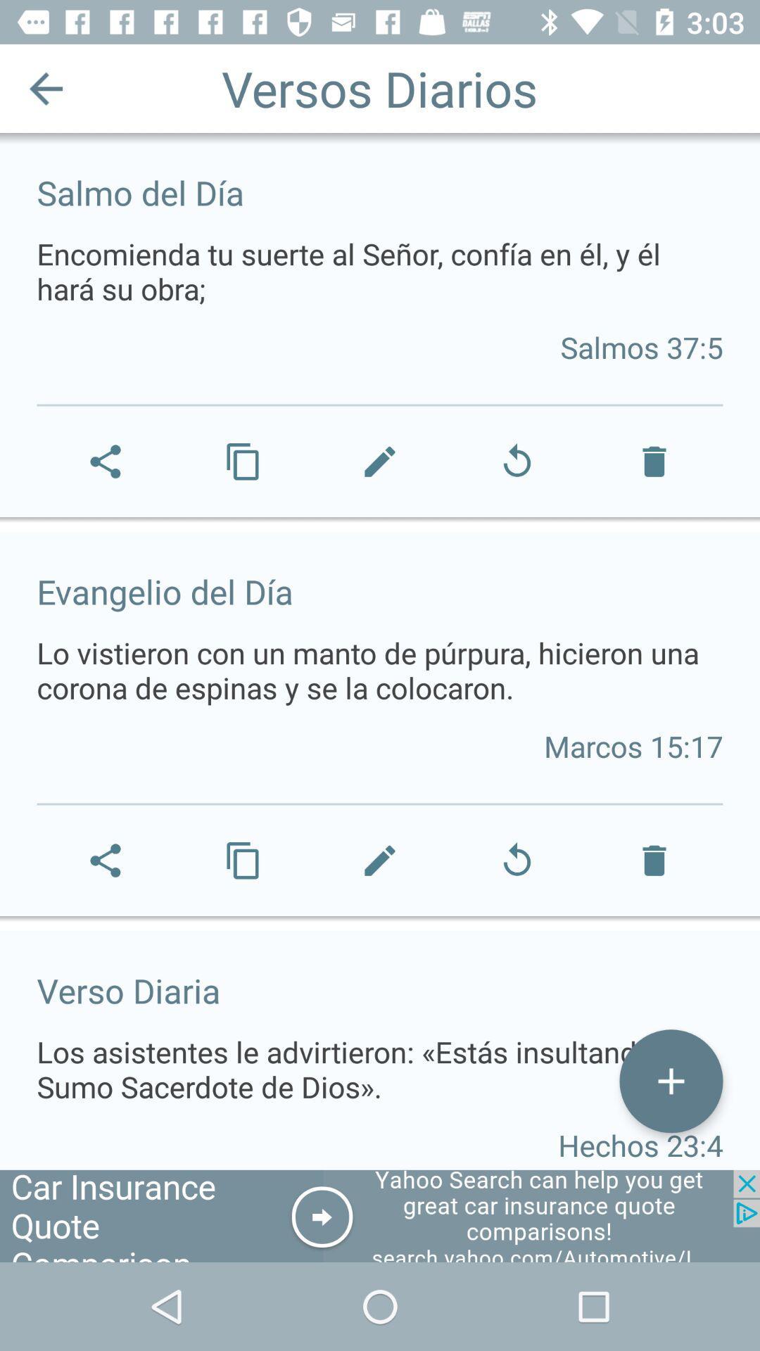 The height and width of the screenshot is (1351, 760). I want to click on icon to the left of versos diarios, so click(45, 87).